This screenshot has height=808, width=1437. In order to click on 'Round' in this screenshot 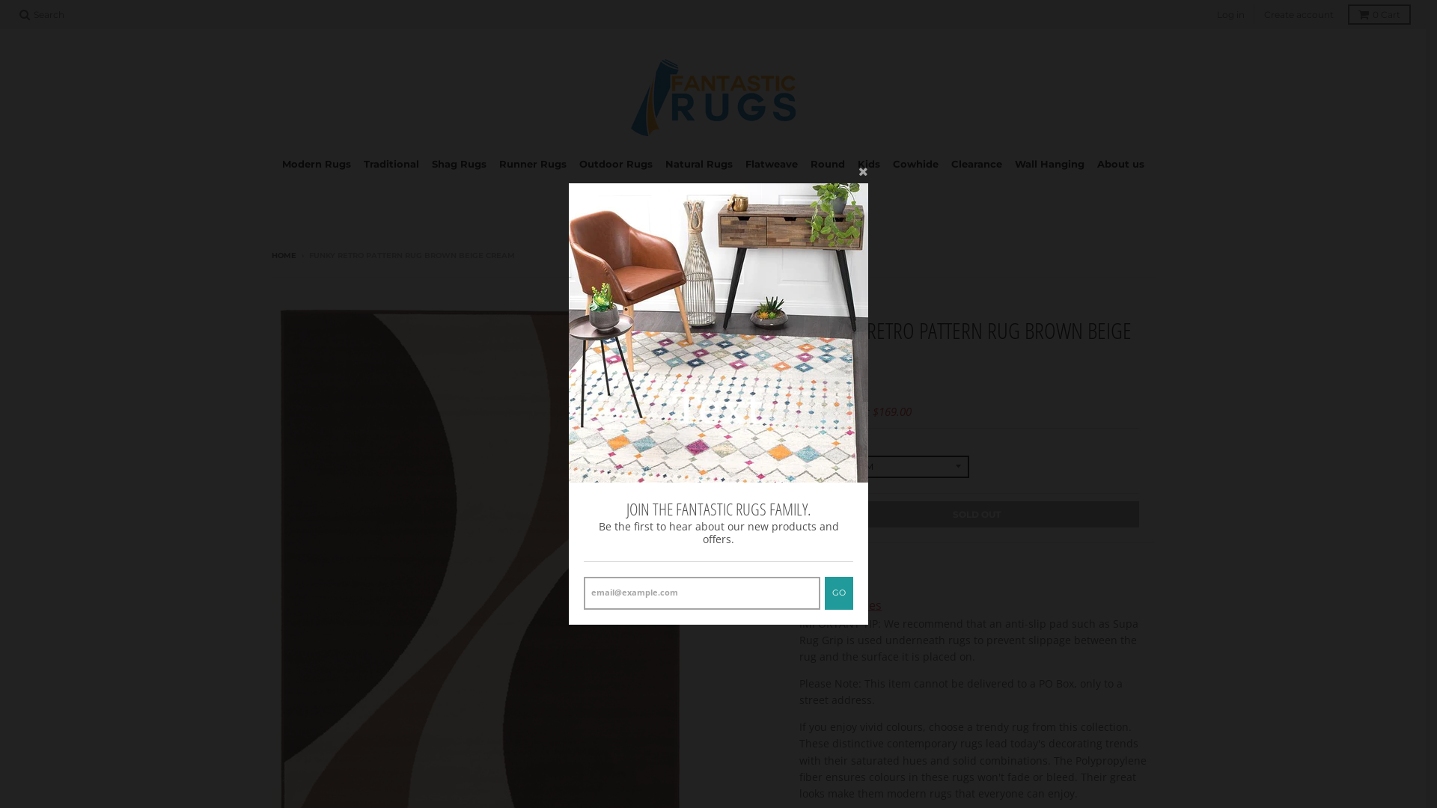, I will do `click(826, 164)`.